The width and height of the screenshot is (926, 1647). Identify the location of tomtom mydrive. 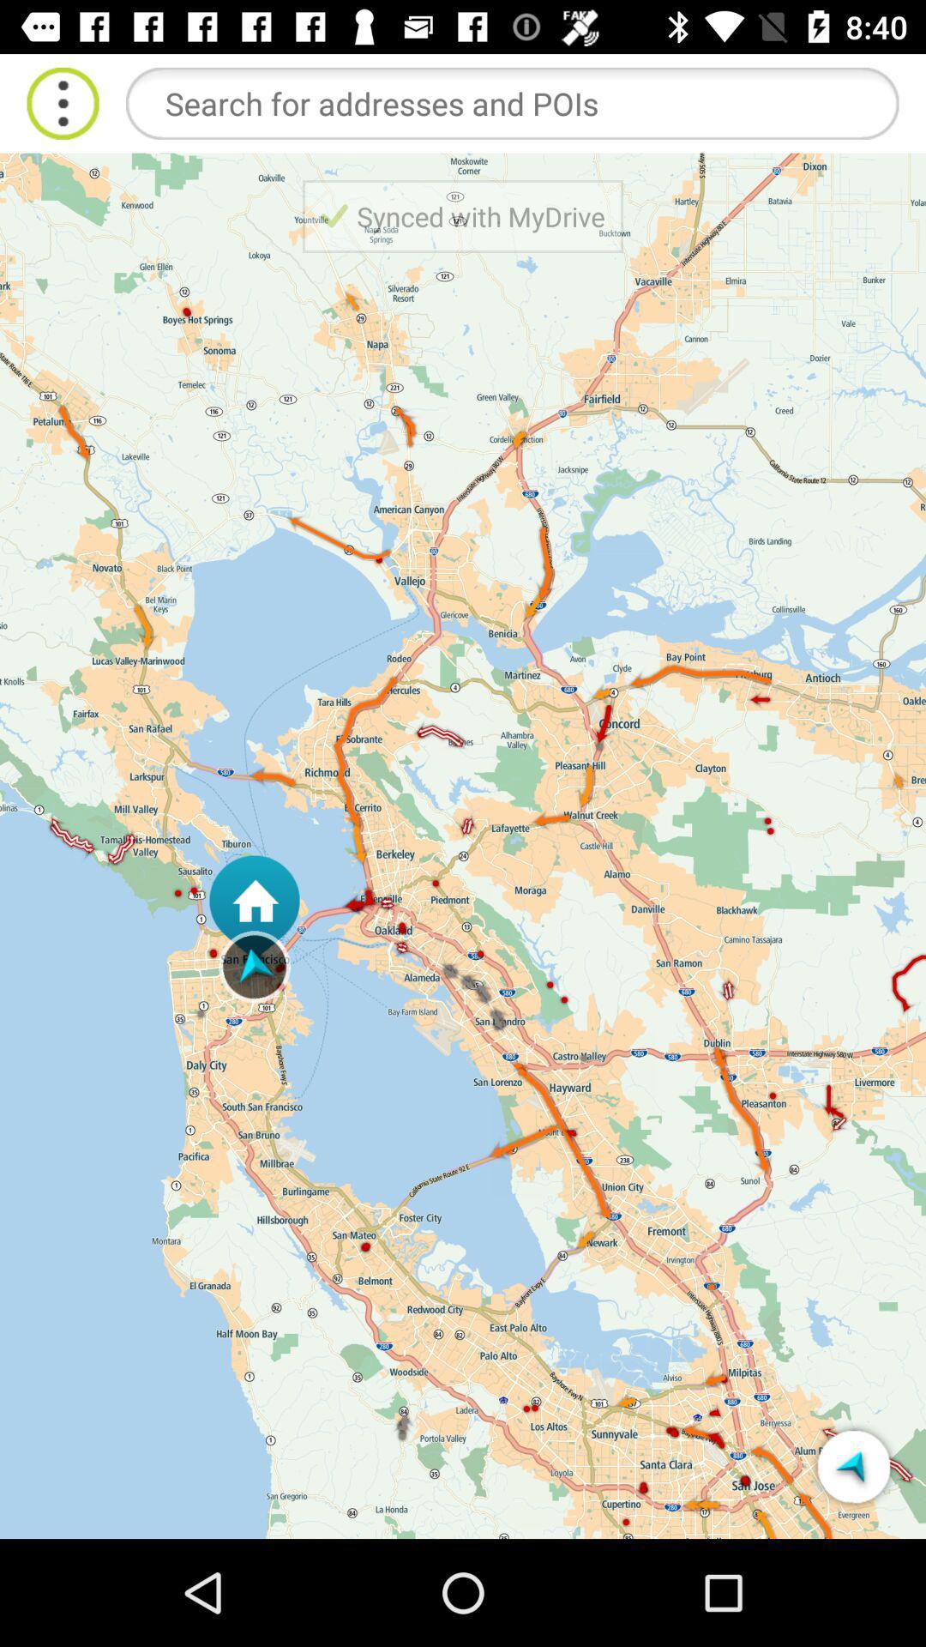
(853, 1465).